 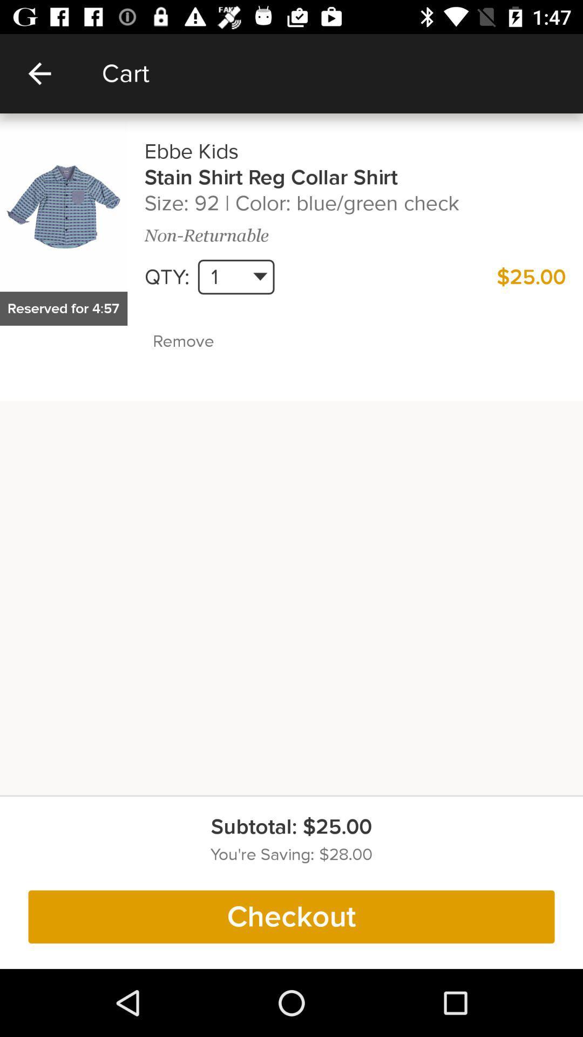 I want to click on the item next to the reserved for 4, so click(x=207, y=341).